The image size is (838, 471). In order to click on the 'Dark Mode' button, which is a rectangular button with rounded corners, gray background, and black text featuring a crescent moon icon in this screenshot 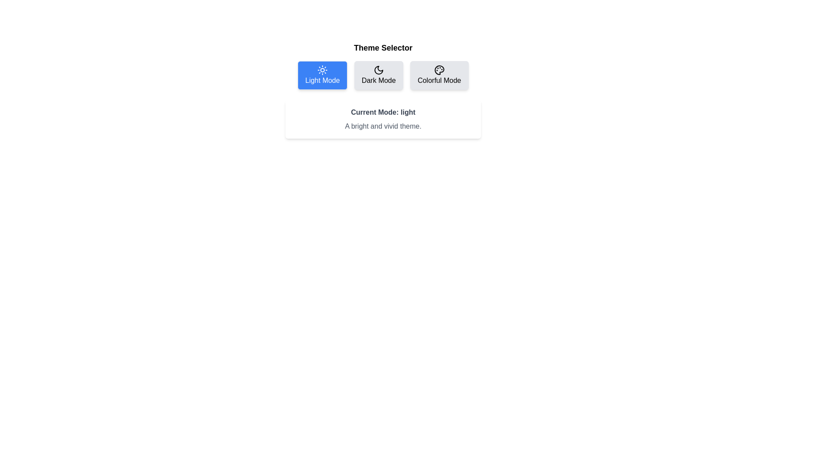, I will do `click(378, 75)`.